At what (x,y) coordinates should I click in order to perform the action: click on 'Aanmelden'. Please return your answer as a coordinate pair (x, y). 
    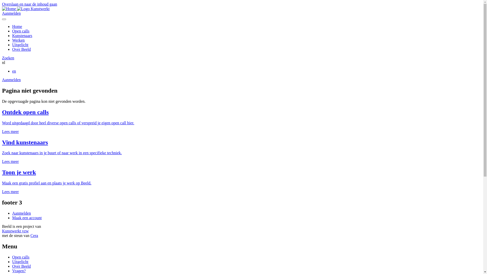
    Looking at the image, I should click on (21, 213).